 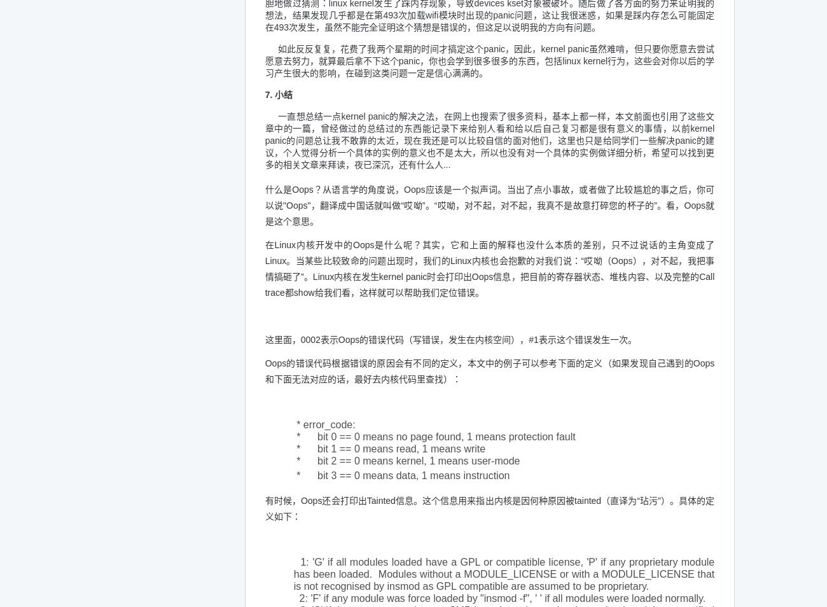 What do you see at coordinates (489, 60) in the screenshot?
I see `'如此反反复复，花费了我两个星期的时间才搞定这个panic，因此，kernel panic虽然难啃，但只要你愿意去尝试愿意去努力，就算最后拿不下这个panic，你也会学到很多很多的东西，包括linux kernel行为，这些会对你以后的学习产生很大的影响，在碰到这类问题一定是信心满满的。'` at bounding box center [489, 60].